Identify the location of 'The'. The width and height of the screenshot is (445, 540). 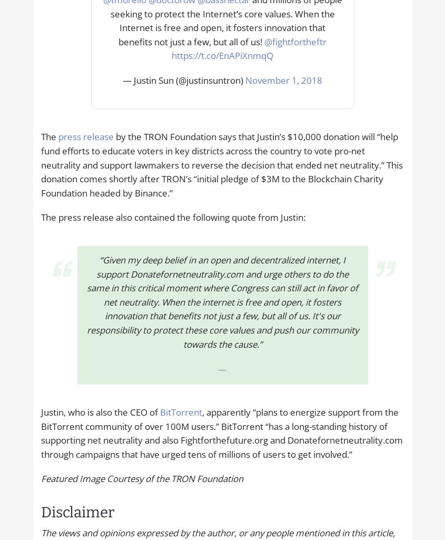
(49, 136).